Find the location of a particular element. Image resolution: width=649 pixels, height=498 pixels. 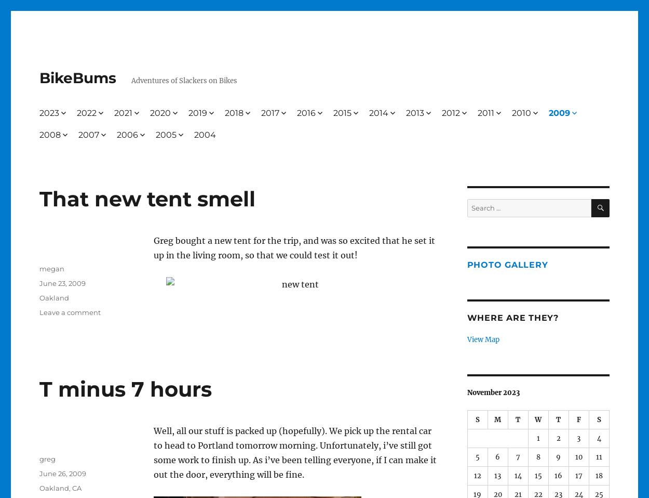

'2008' is located at coordinates (49, 134).